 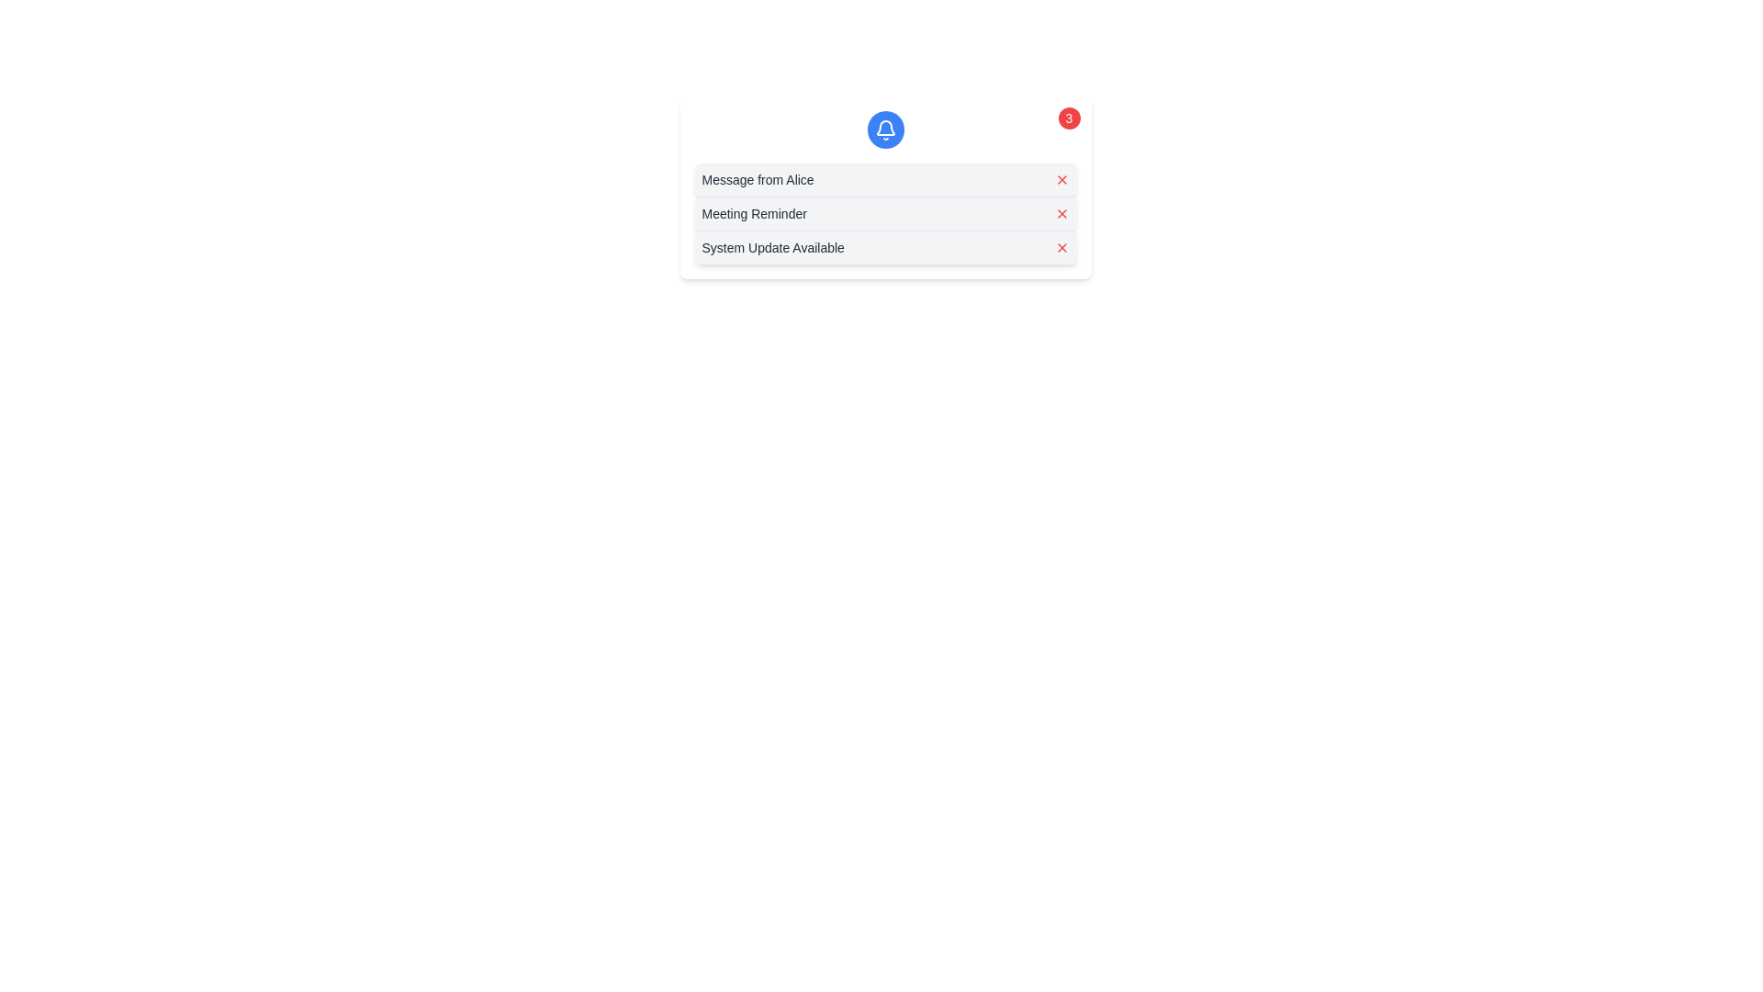 What do you see at coordinates (885, 179) in the screenshot?
I see `the first notification item with a dismiss button` at bounding box center [885, 179].